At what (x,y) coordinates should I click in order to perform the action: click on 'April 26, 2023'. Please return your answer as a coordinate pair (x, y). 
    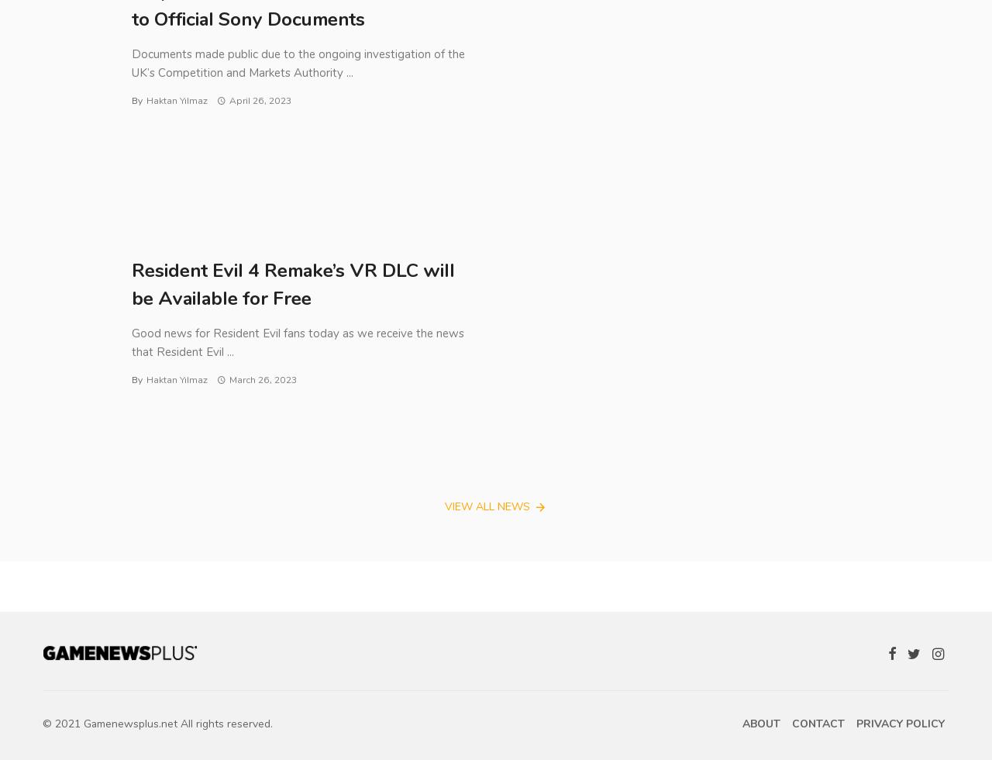
    Looking at the image, I should click on (259, 101).